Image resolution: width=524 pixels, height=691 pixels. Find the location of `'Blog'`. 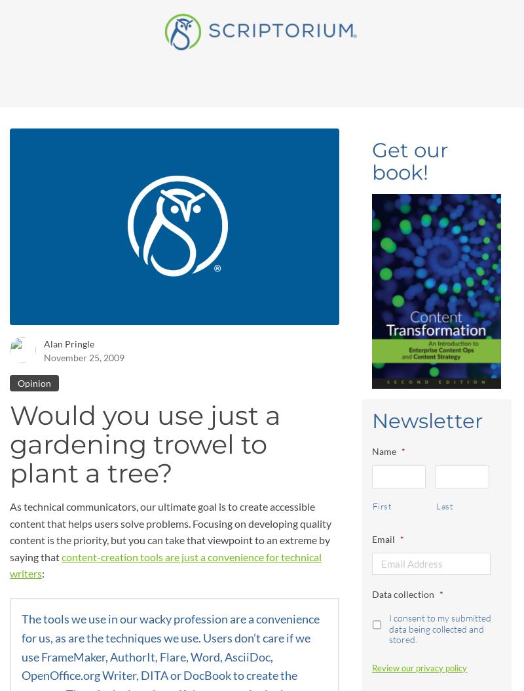

'Blog' is located at coordinates (185, 22).